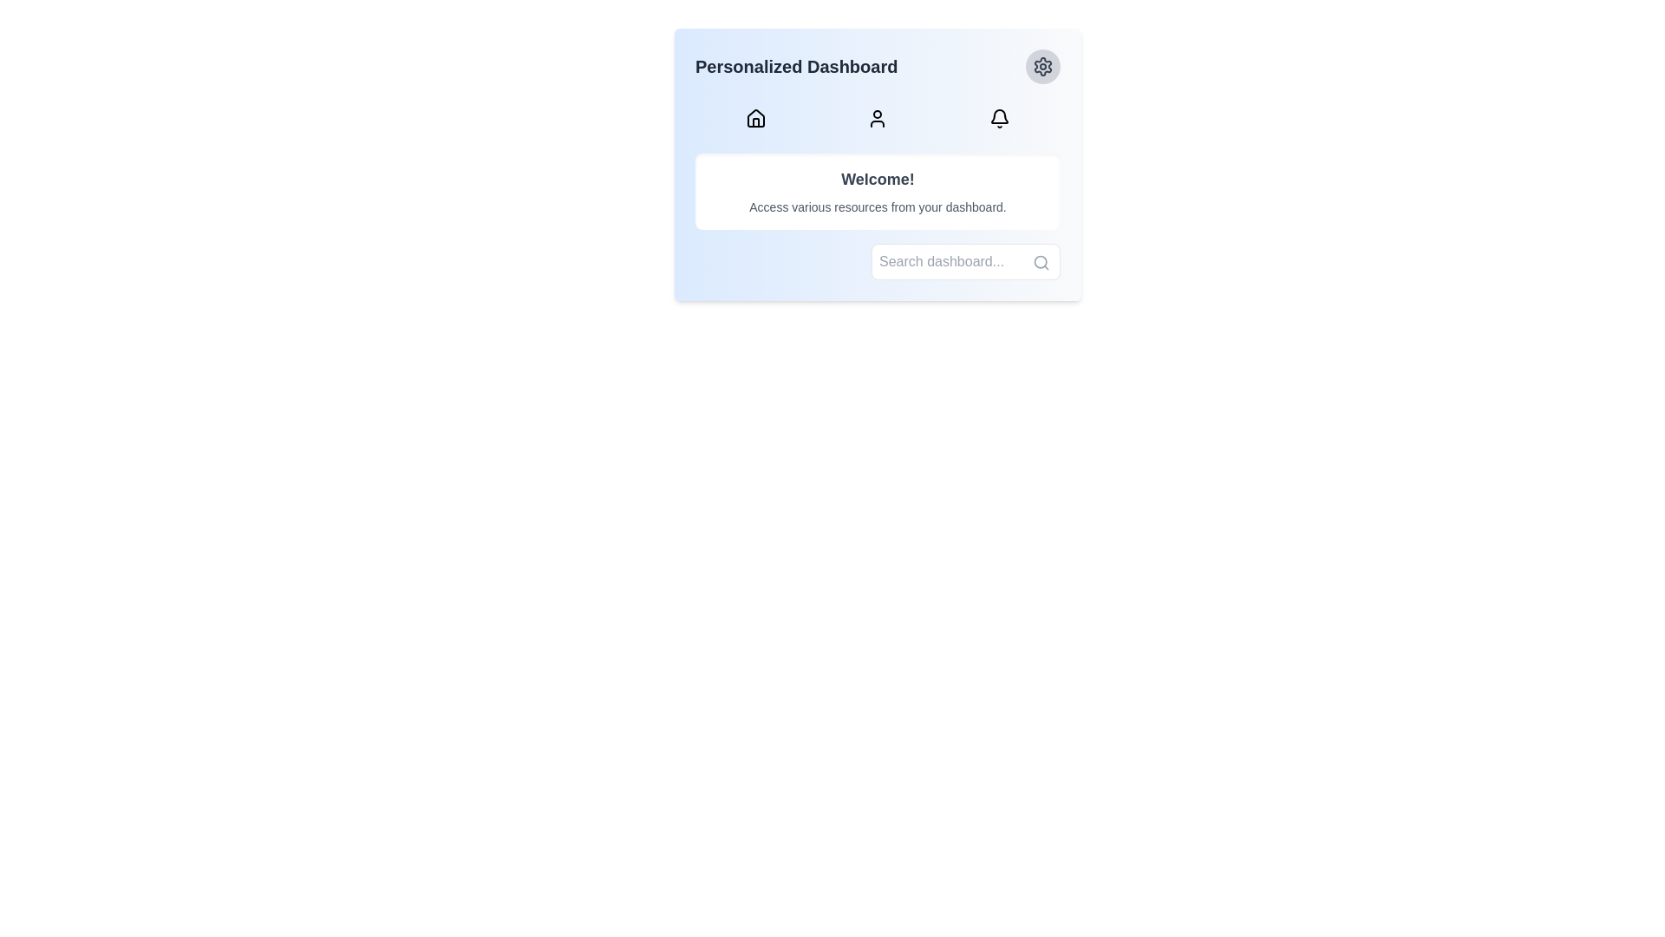 The width and height of the screenshot is (1665, 937). What do you see at coordinates (878, 191) in the screenshot?
I see `the welcoming message label located near the center of the main widget area, below a row of icons and above the search bar, which provides a brief description of the resources available from the dashboard` at bounding box center [878, 191].